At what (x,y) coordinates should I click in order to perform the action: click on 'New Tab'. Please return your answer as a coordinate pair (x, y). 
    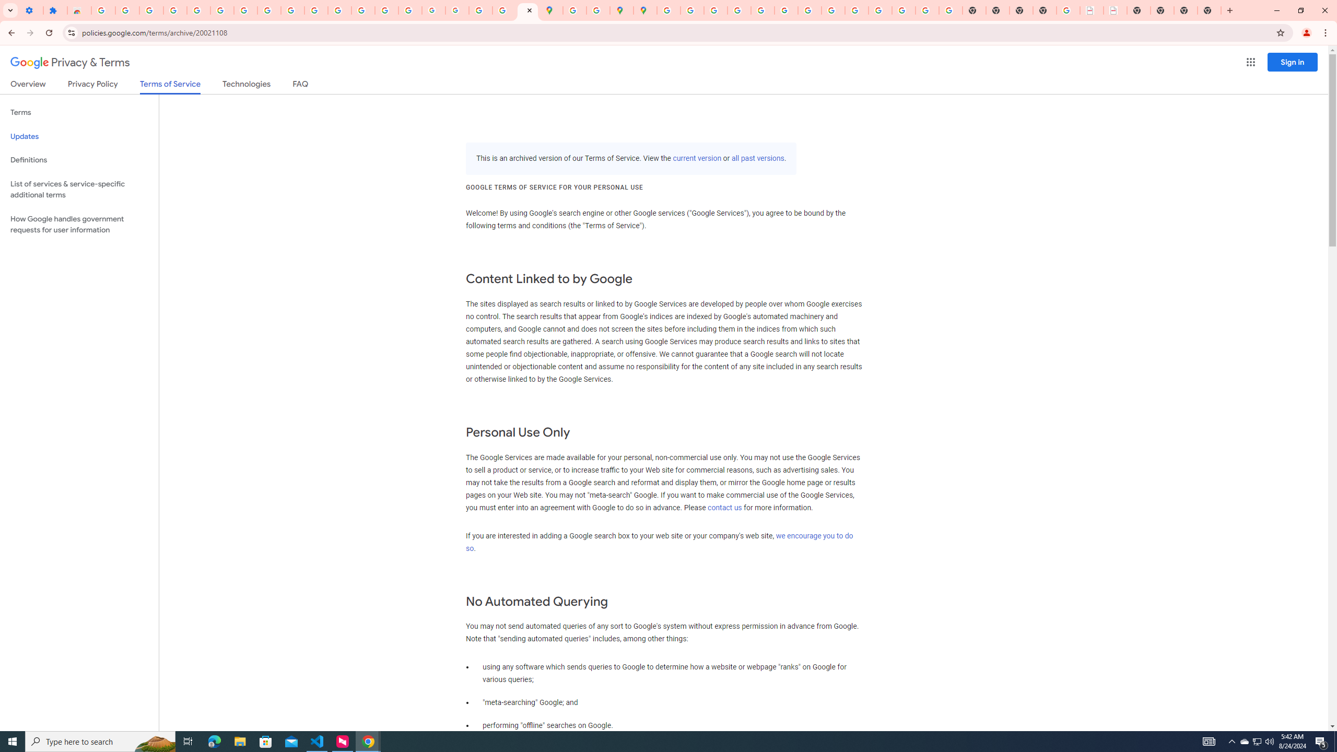
    Looking at the image, I should click on (1209, 10).